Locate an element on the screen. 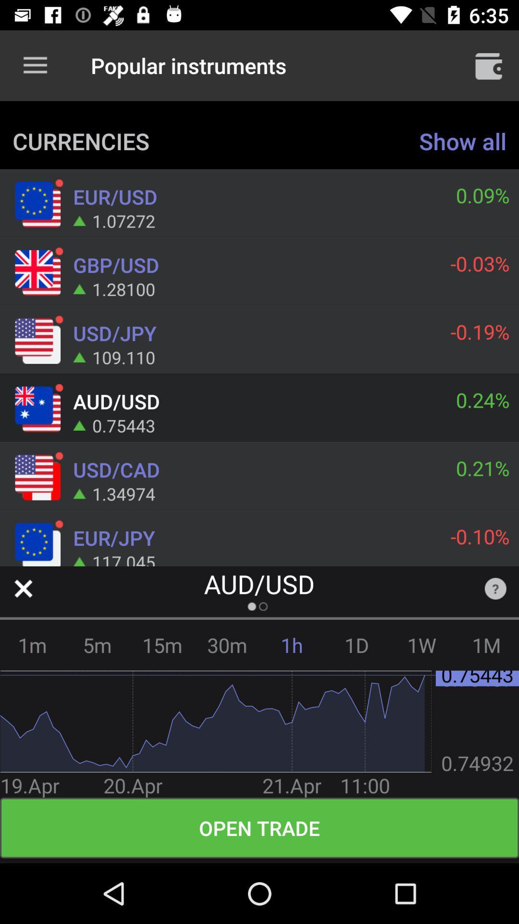 The image size is (519, 924). the app next to popular instruments item is located at coordinates (489, 65).